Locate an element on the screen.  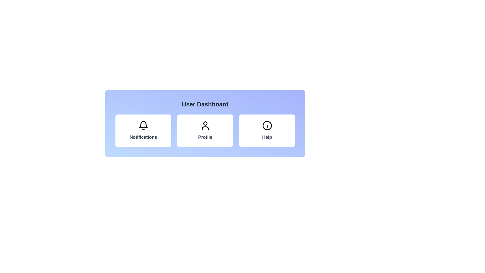
the 'Help' text label, which is styled in a larger font size and bold, dark gray color, located below a circular information icon within a card on the right side of a three-card layout is located at coordinates (267, 137).